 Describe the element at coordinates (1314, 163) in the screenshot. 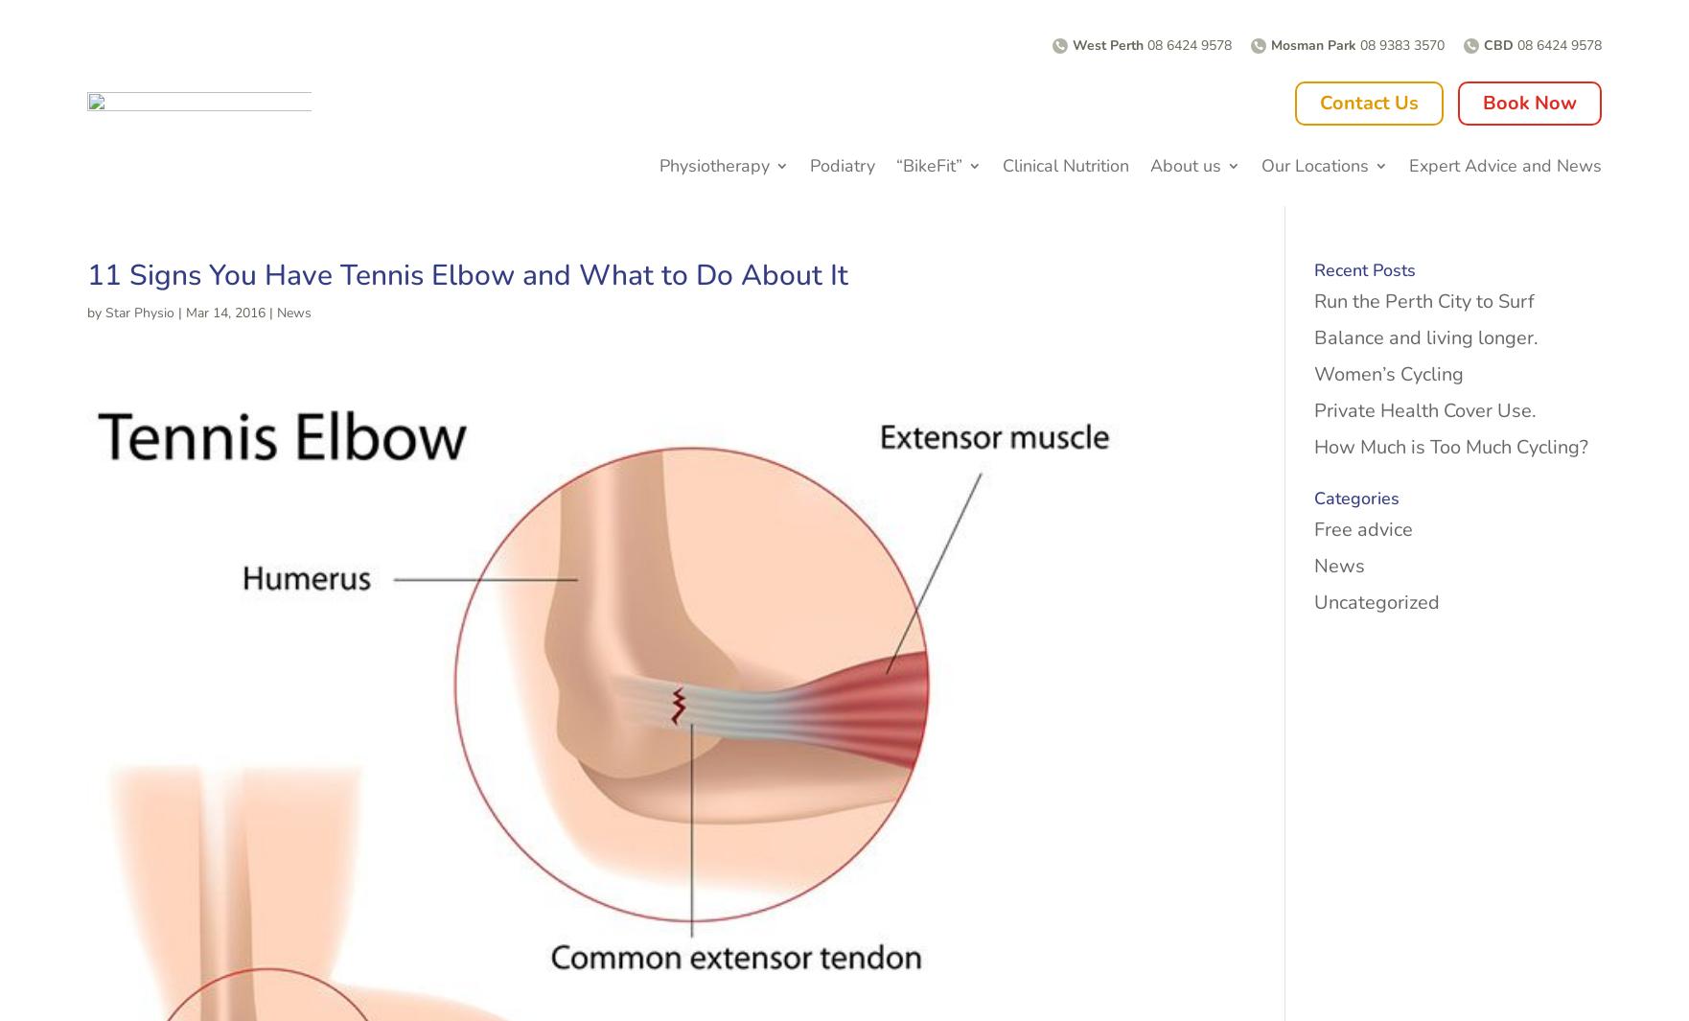

I see `'Our Locations'` at that location.